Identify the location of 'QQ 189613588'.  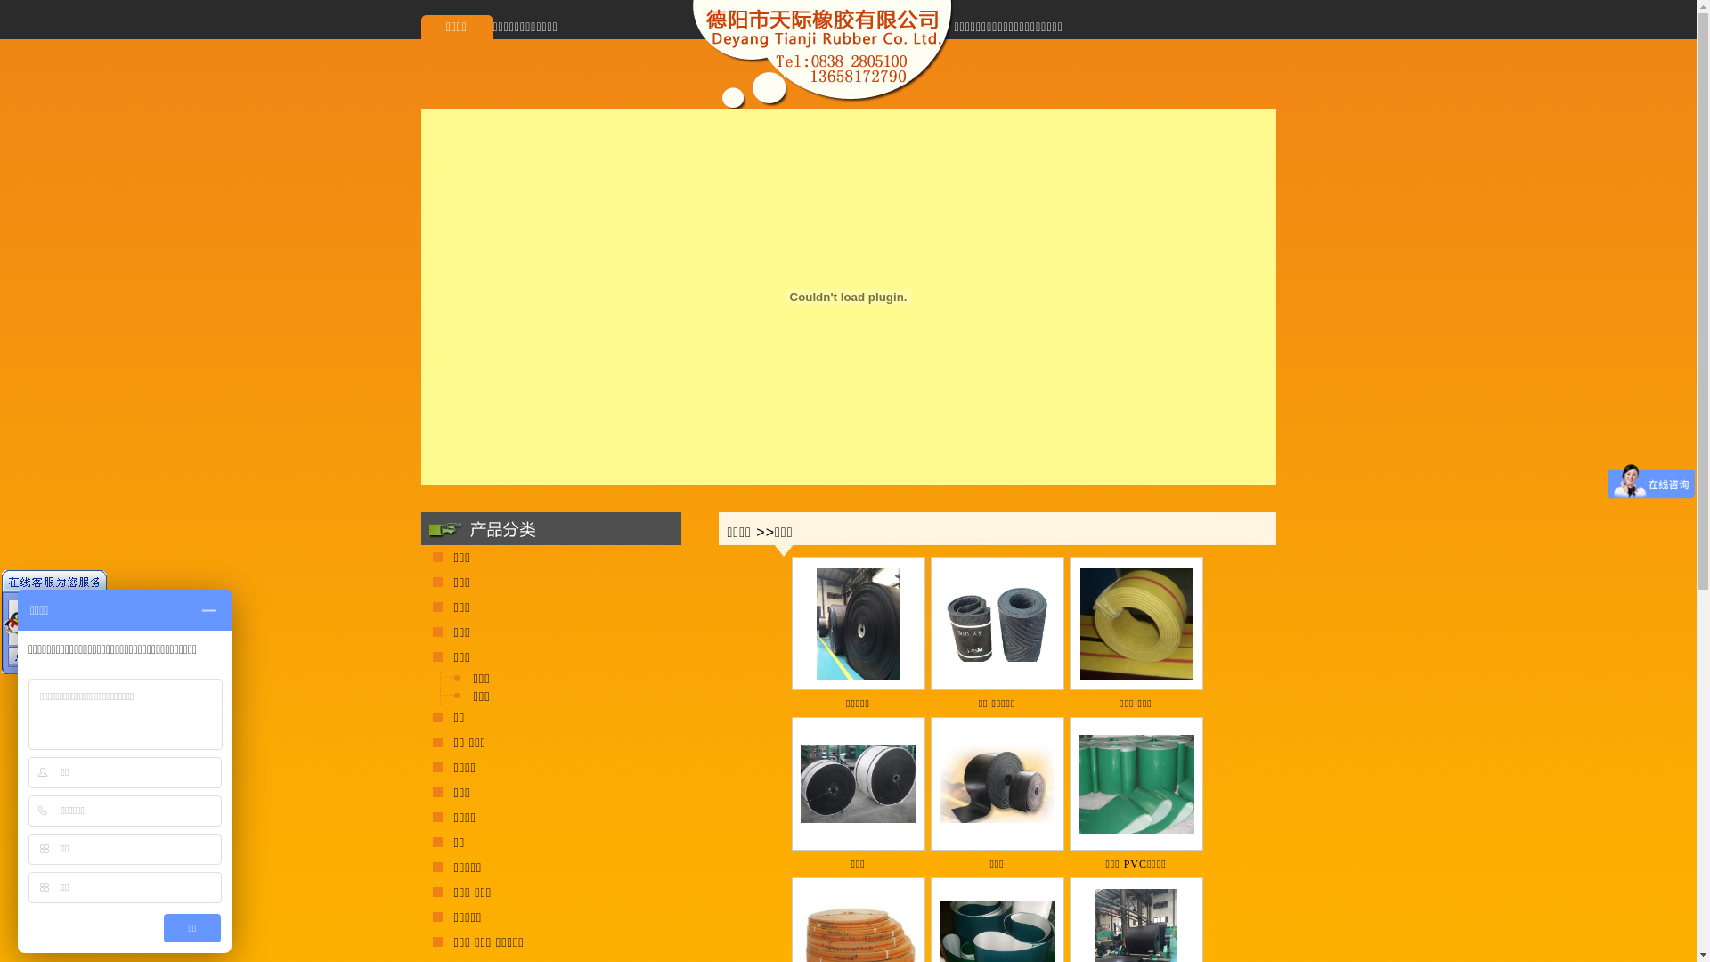
(59, 621).